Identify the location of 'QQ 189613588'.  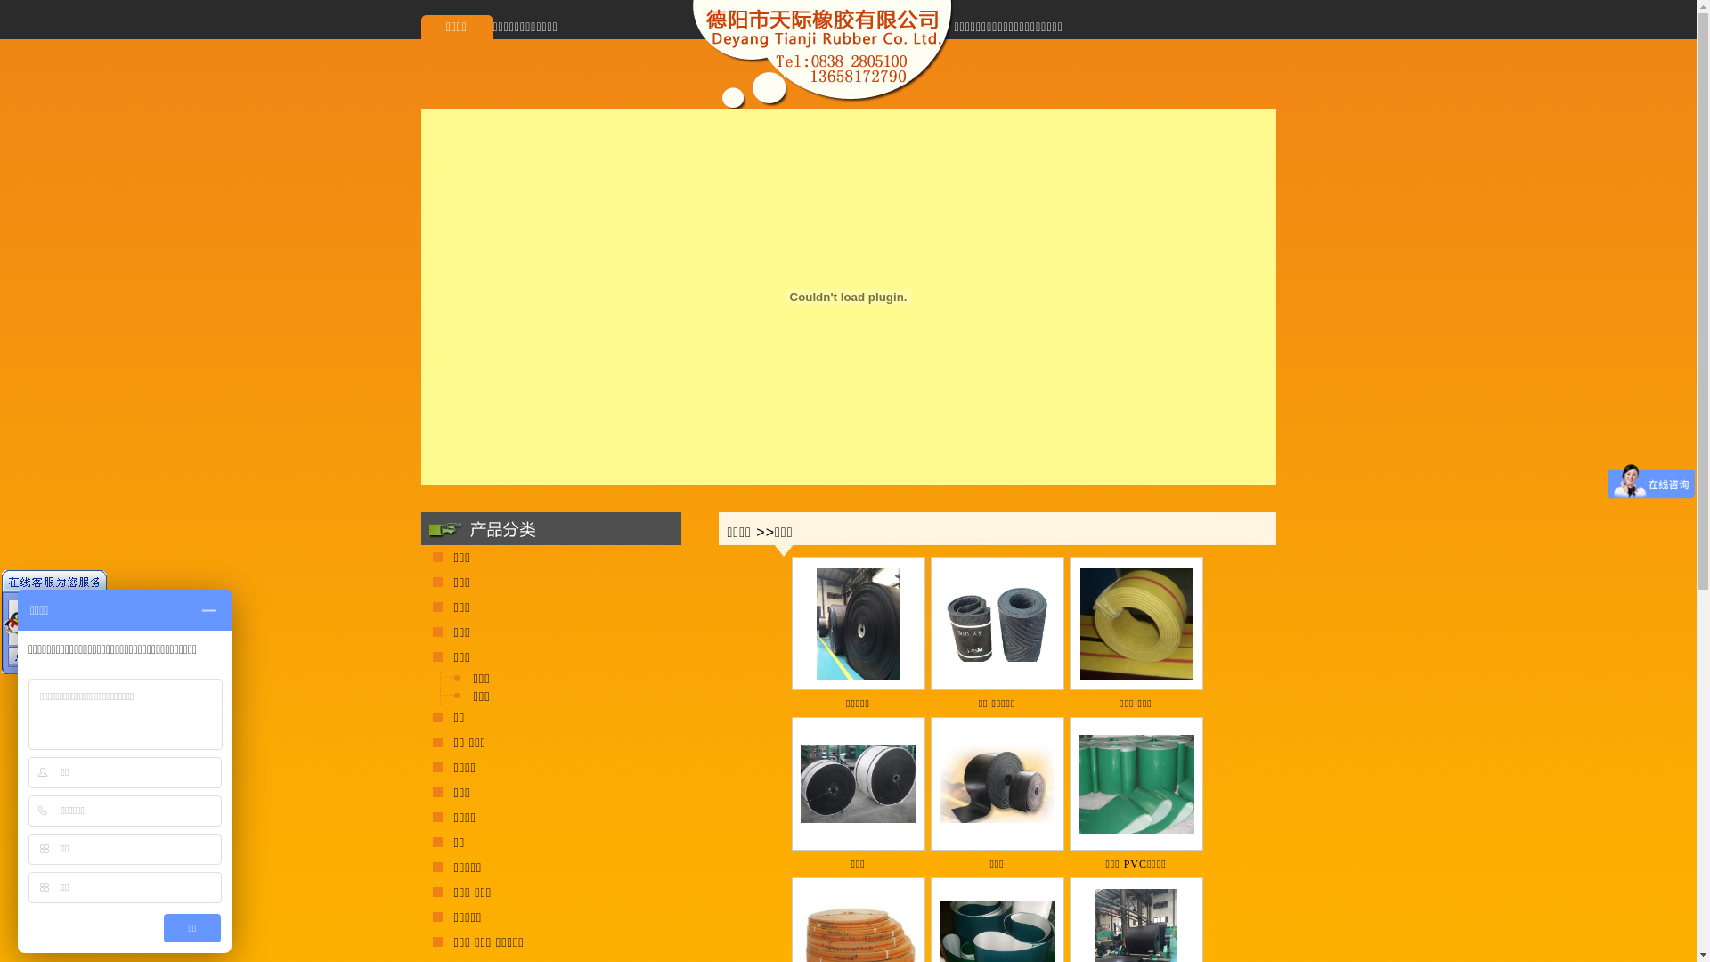
(59, 621).